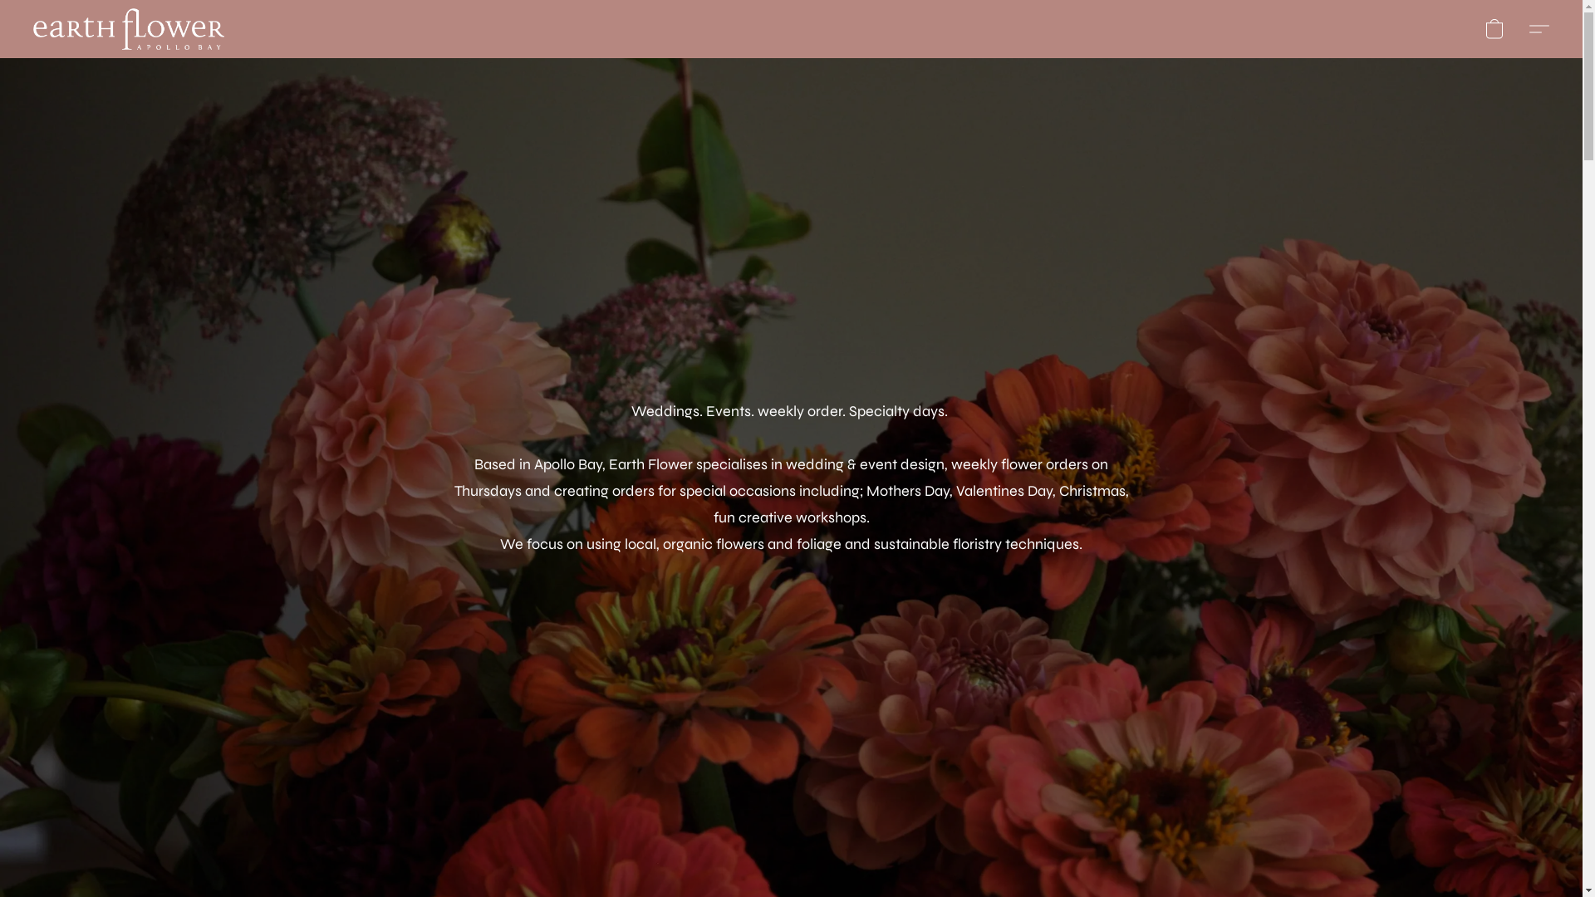 This screenshot has width=1595, height=897. I want to click on 'Go to your shopping cart', so click(1494, 28).